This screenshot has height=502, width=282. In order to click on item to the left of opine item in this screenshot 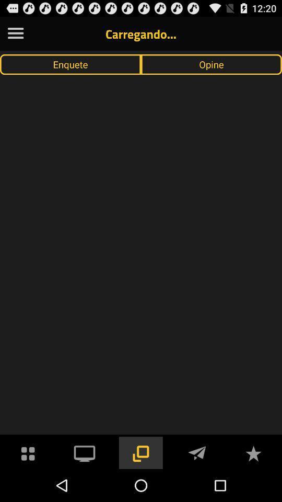, I will do `click(70, 64)`.